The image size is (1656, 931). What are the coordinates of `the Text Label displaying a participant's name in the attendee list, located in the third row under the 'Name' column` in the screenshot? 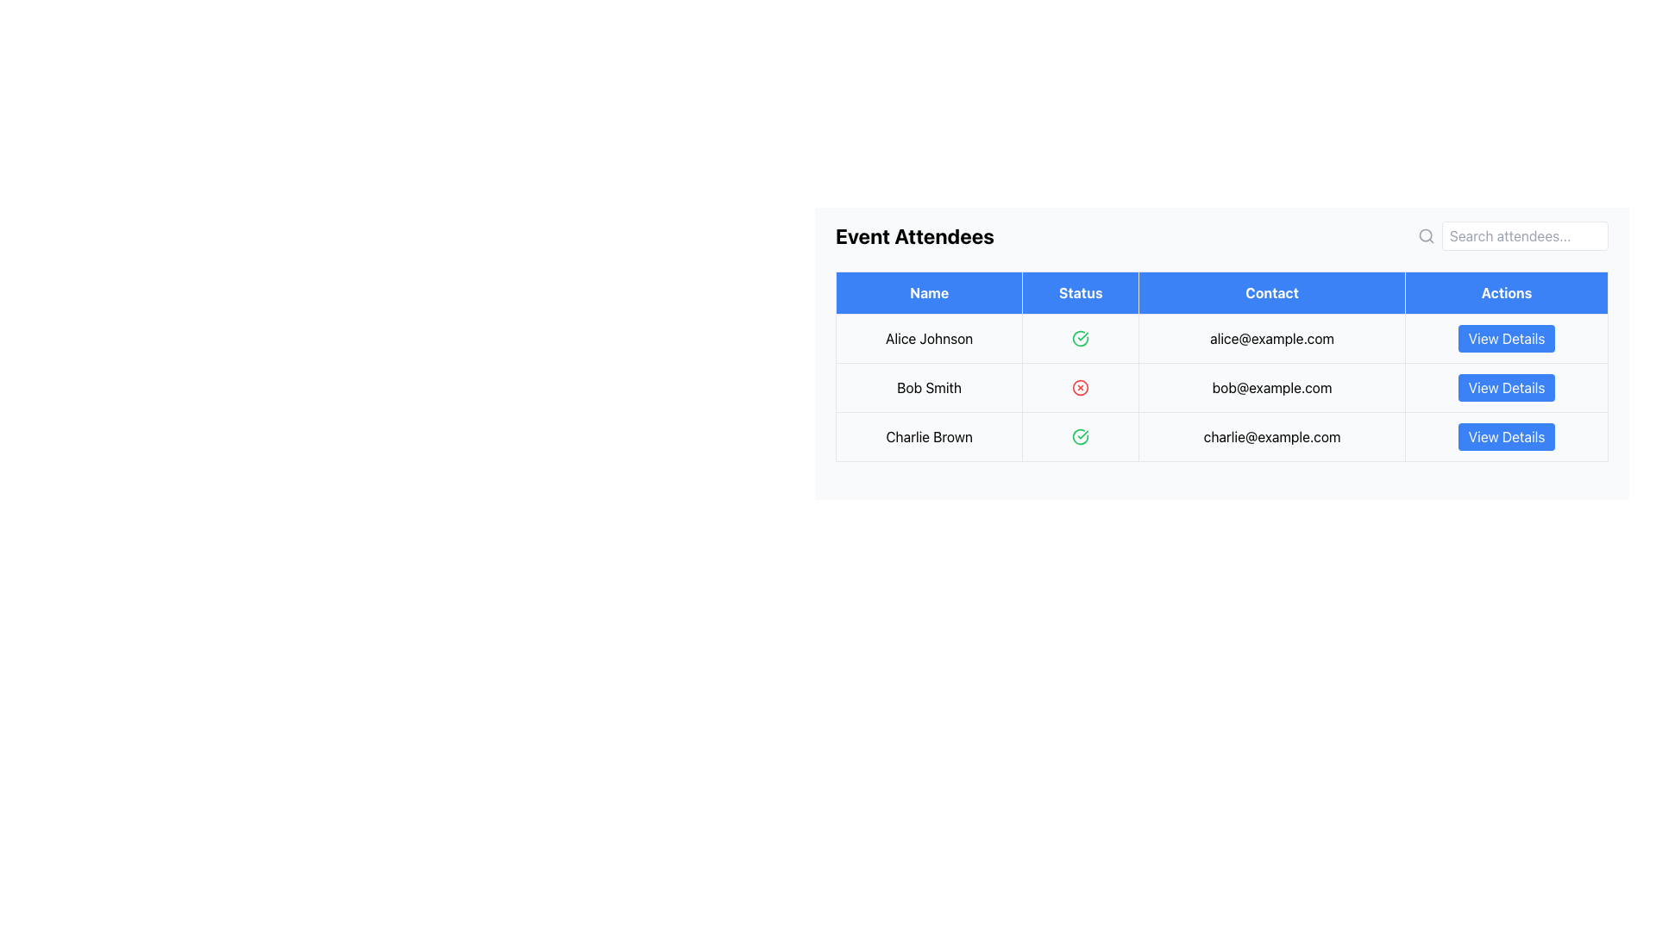 It's located at (928, 435).